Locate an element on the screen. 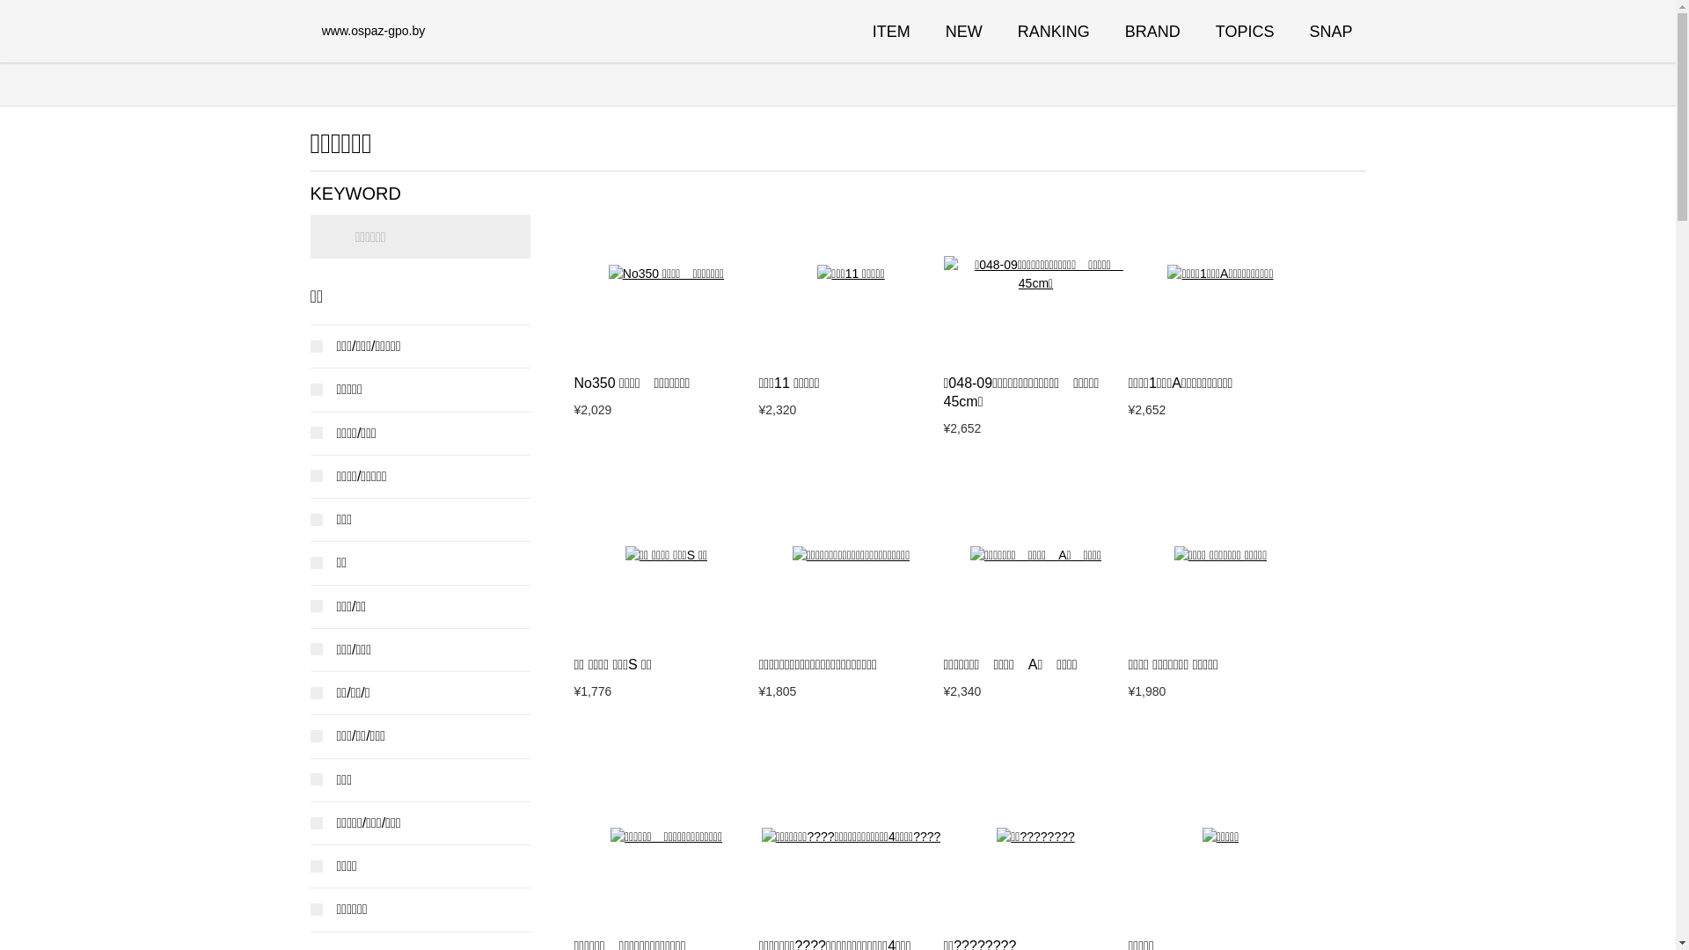 This screenshot has height=950, width=1689. 'SNAP' is located at coordinates (1330, 31).